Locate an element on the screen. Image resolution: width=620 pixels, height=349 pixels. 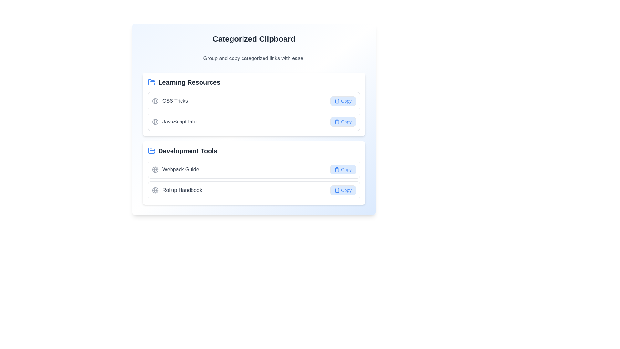
the 'Copy' button with rounded corners and a light blue background, located in the bottom-right corner of the 'Rollup Handbook' group is located at coordinates (343, 190).